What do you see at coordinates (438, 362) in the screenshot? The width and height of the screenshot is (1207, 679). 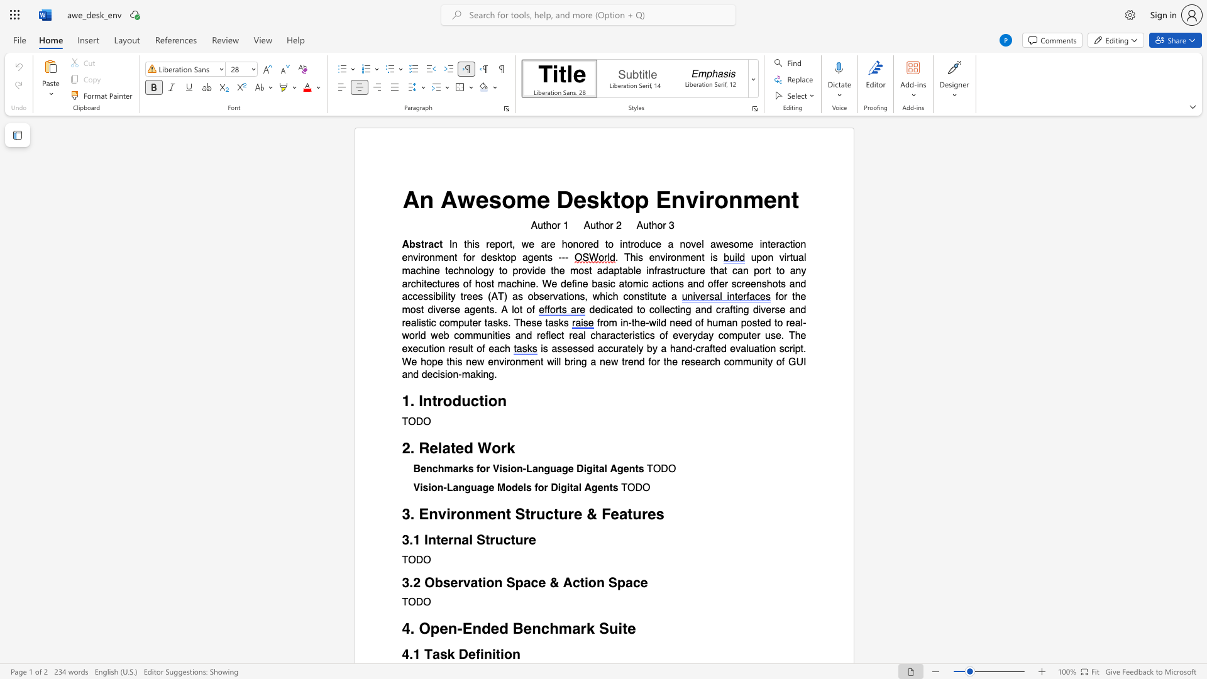 I see `the subset text "e this" within the text "is assessed accurately by a hand-crafted evaluation script. We hope this"` at bounding box center [438, 362].